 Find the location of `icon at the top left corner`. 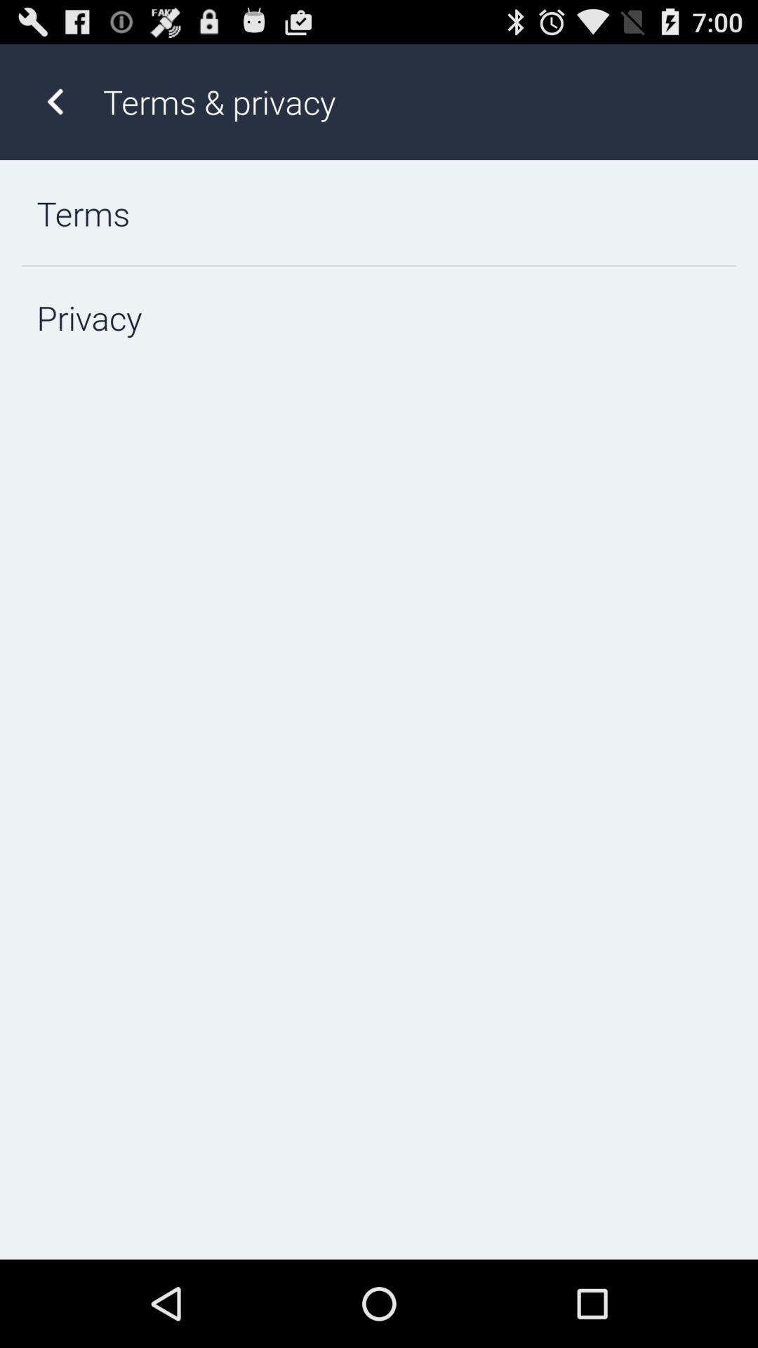

icon at the top left corner is located at coordinates (54, 101).